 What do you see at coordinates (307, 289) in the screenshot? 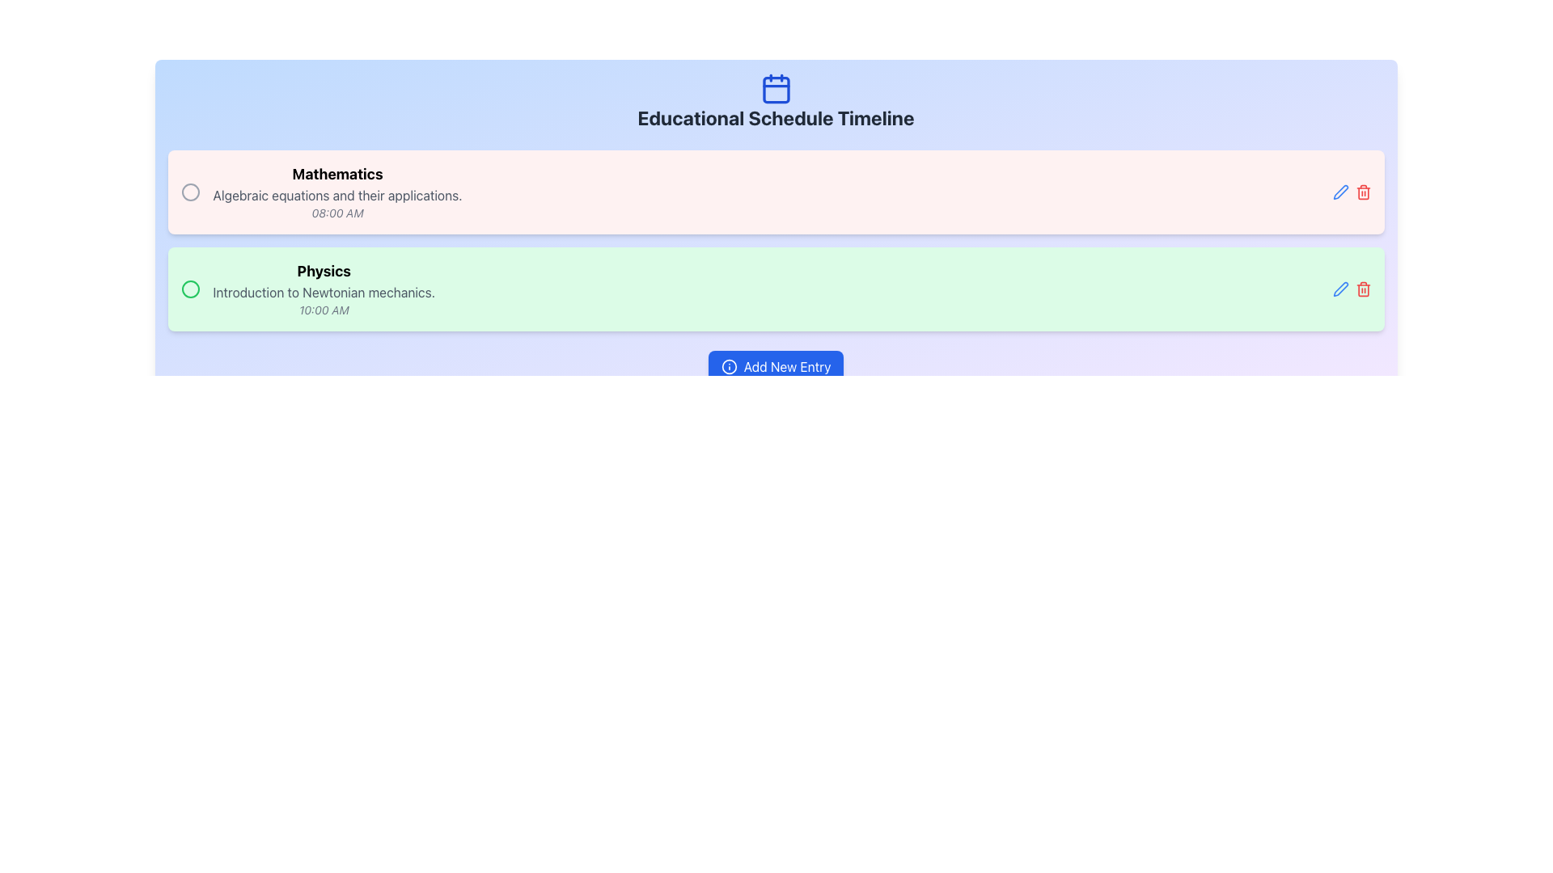
I see `the composite information display for 'Physics' which includes a bold heading, a brief description, and a timestamp` at bounding box center [307, 289].